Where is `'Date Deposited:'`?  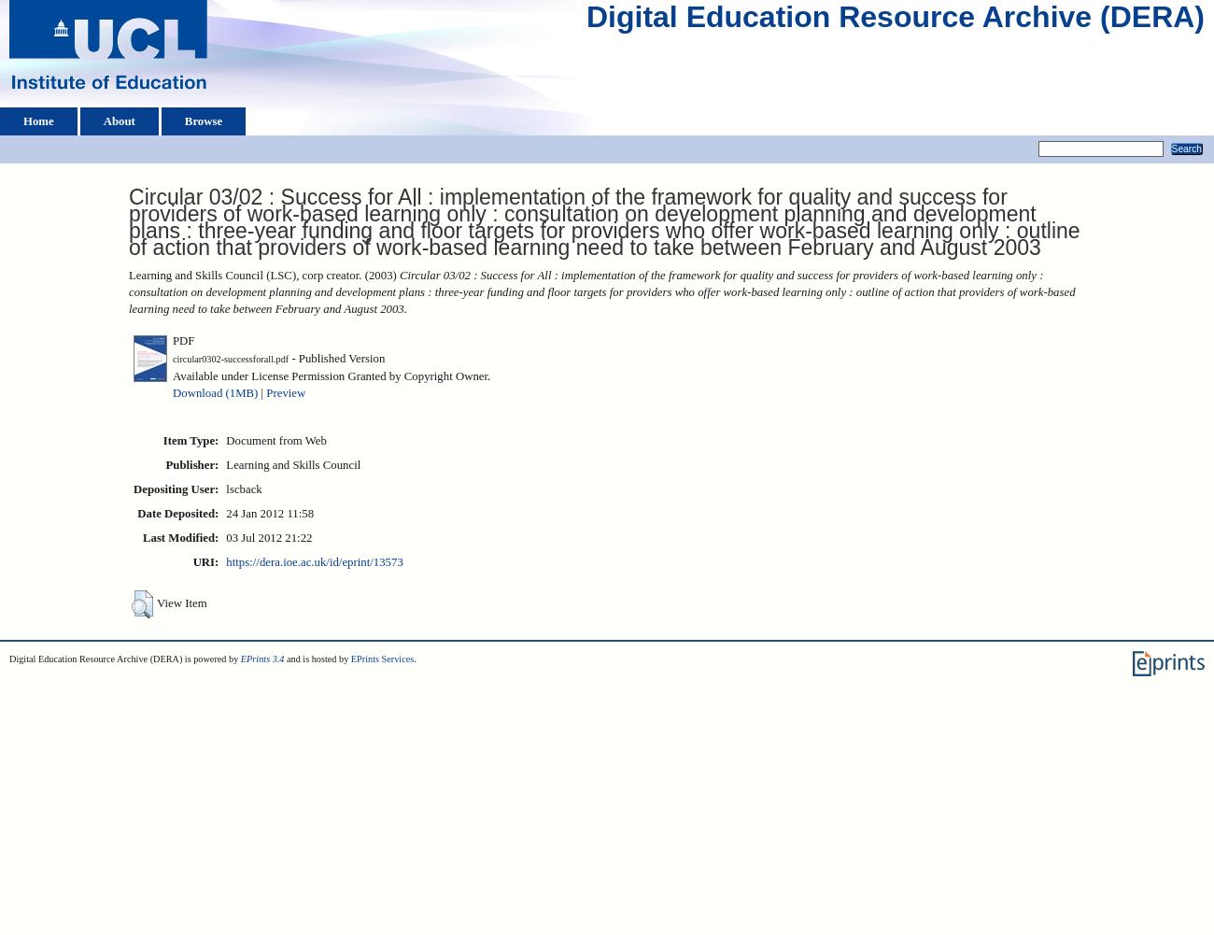
'Date Deposited:' is located at coordinates (177, 512).